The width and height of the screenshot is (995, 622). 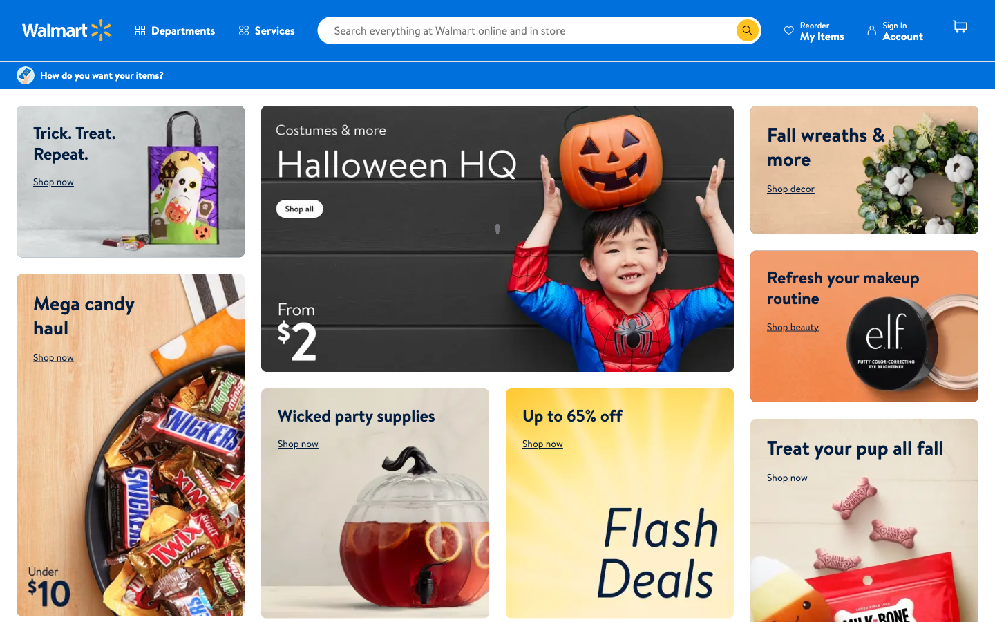 I want to click on Explore the available flash deals, so click(x=618, y=502).